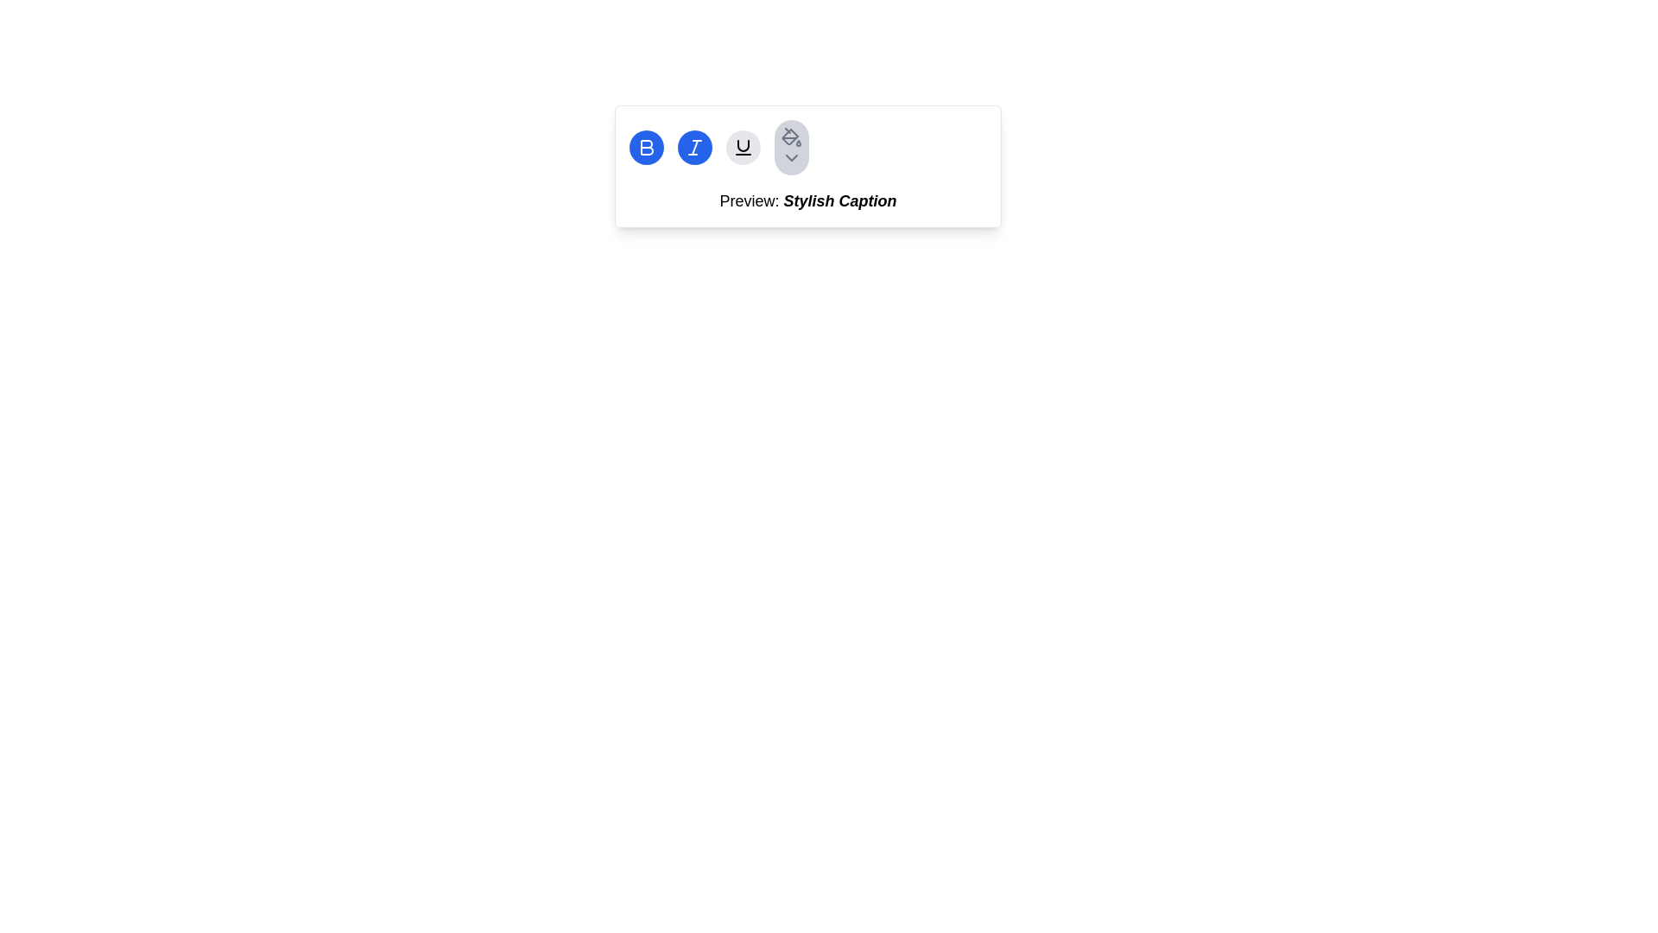  Describe the element at coordinates (790, 157) in the screenshot. I see `the downward arrow icon, which is a chevron shape styled in gray, located within a circular button with a light gray background` at that location.